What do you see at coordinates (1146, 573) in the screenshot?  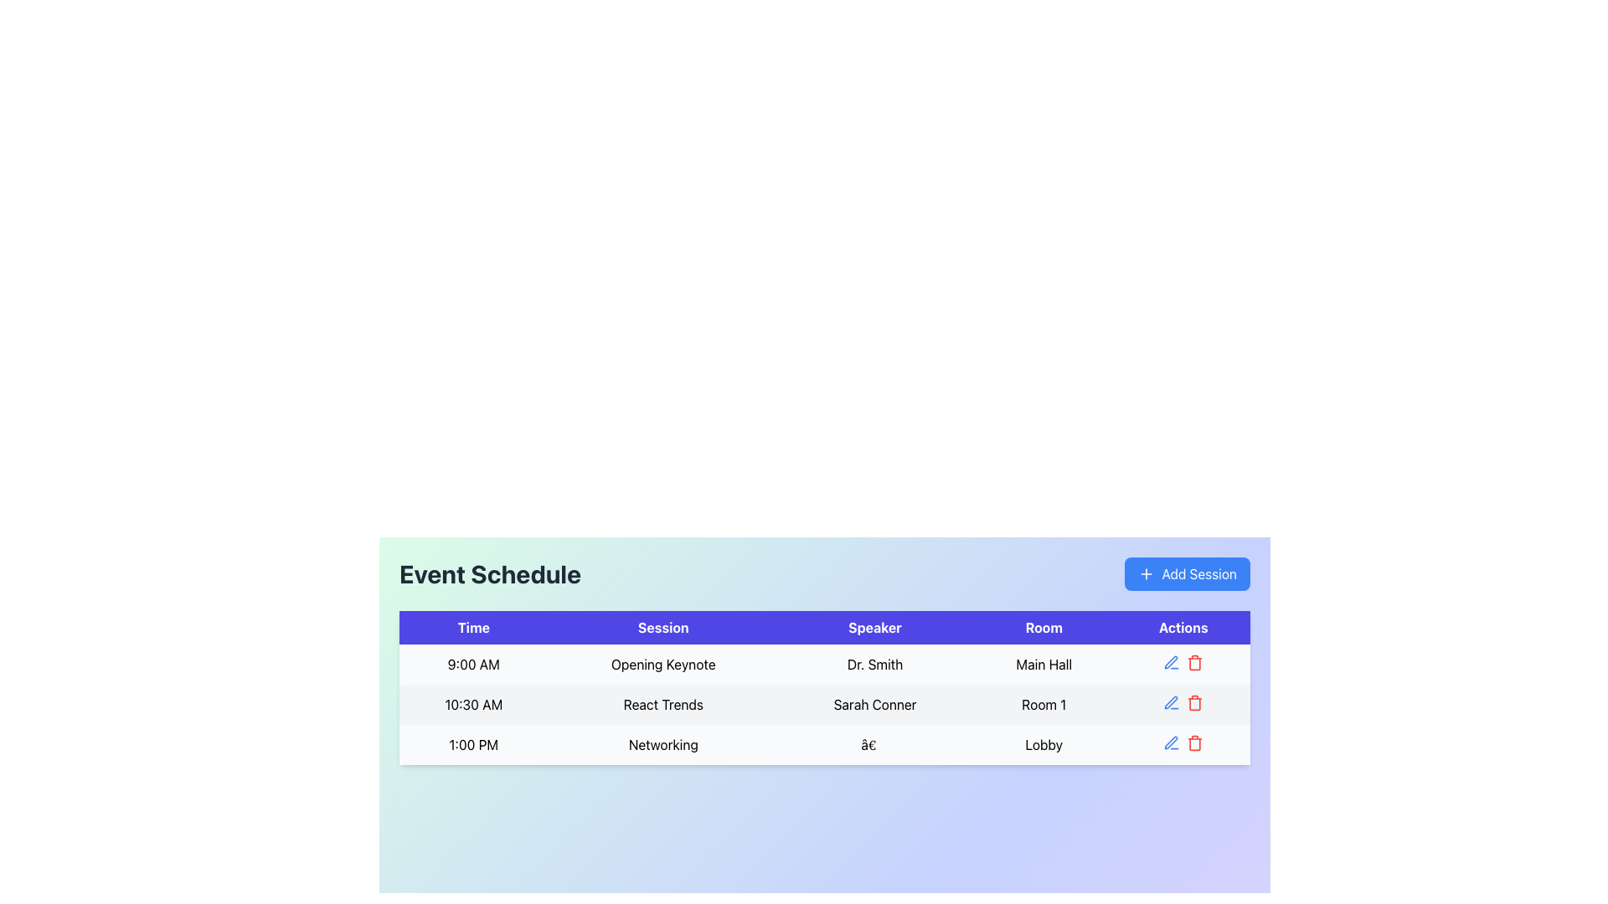 I see `the blue icon with a white plus sign located within the 'Add Session' button at the top-right corner of the event schedule section` at bounding box center [1146, 573].